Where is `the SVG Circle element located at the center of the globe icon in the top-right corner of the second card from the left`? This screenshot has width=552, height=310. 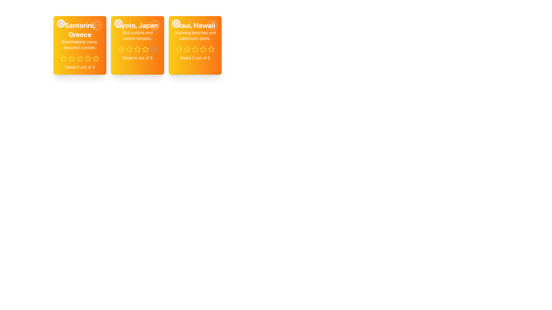 the SVG Circle element located at the center of the globe icon in the top-right corner of the second card from the left is located at coordinates (155, 25).